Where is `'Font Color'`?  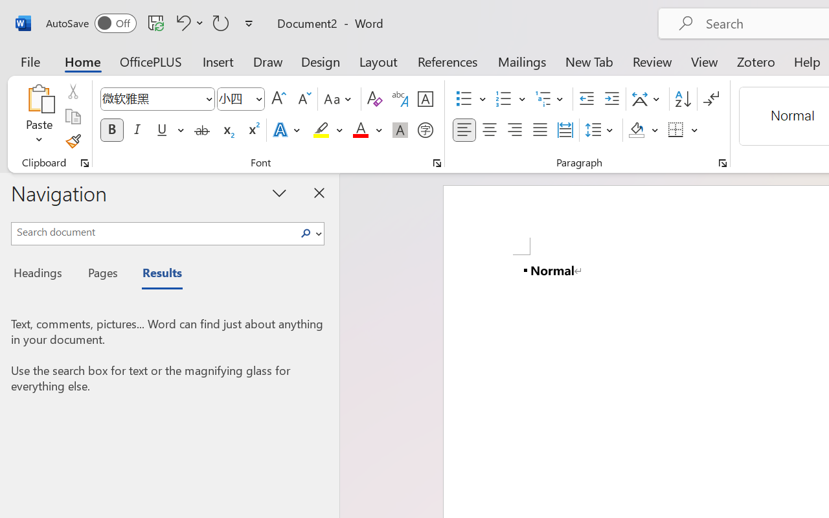 'Font Color' is located at coordinates (367, 130).